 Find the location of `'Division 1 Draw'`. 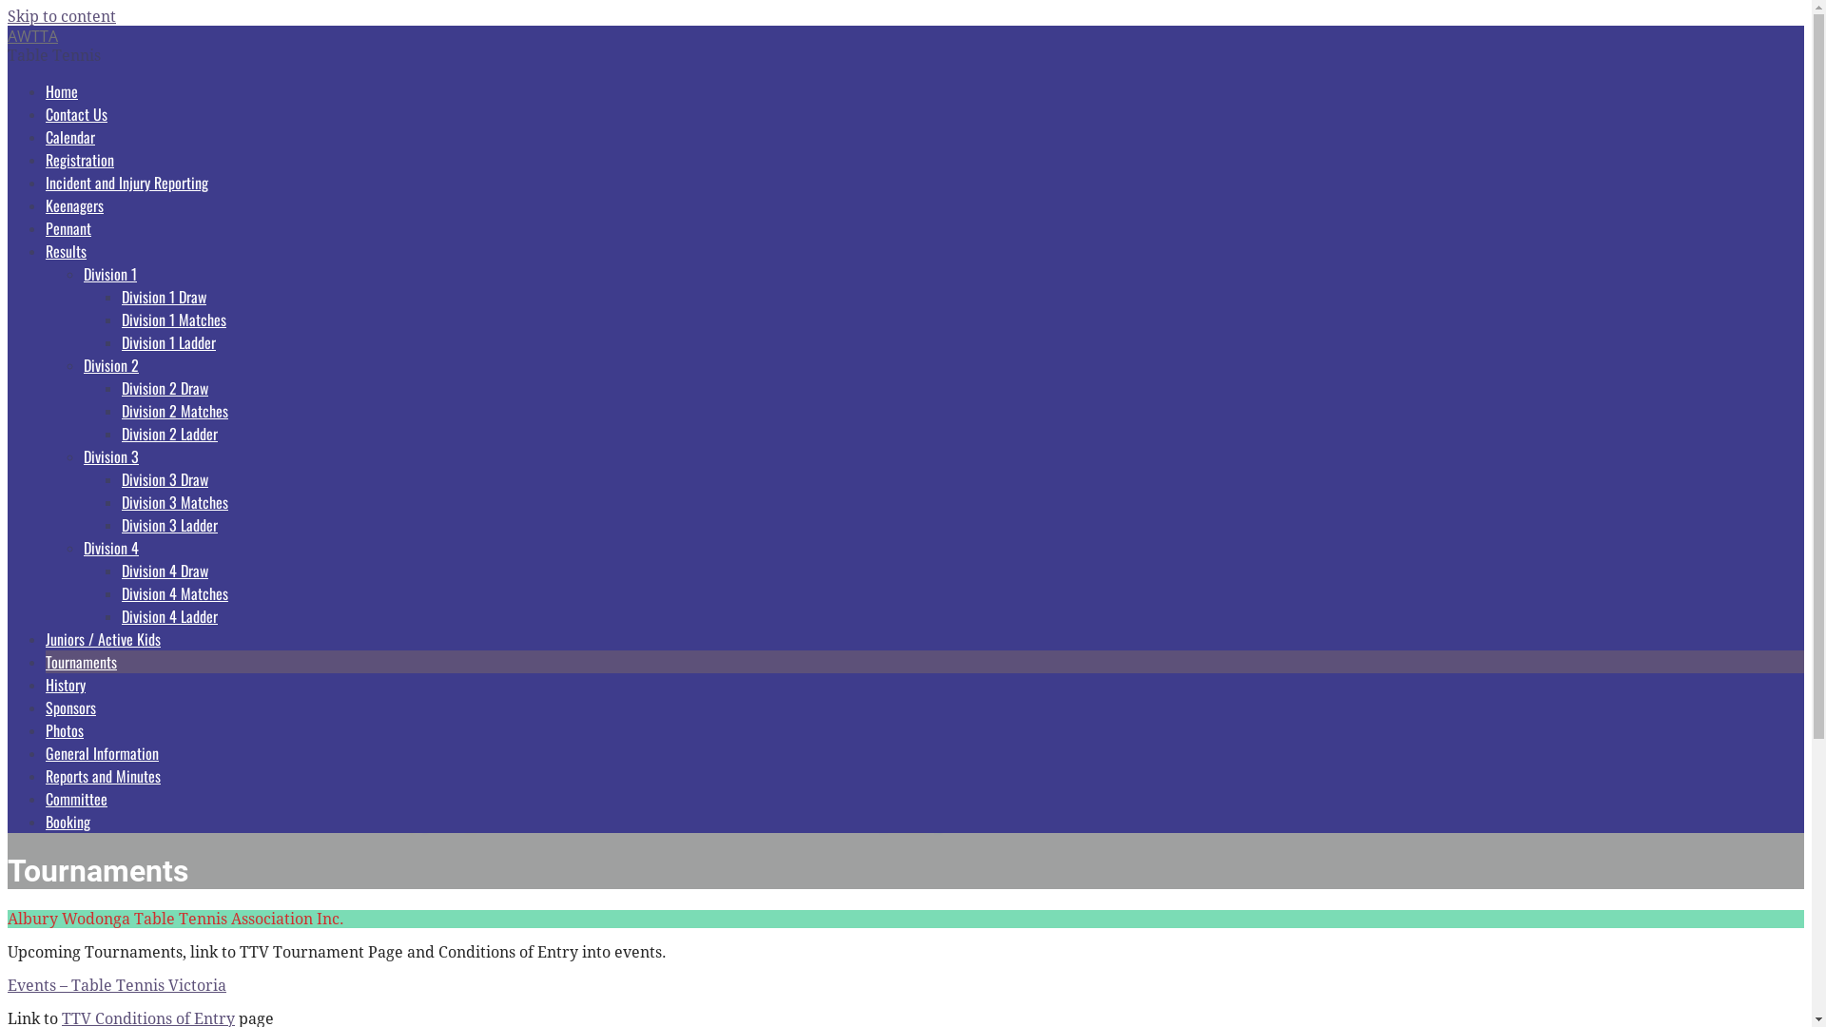

'Division 1 Draw' is located at coordinates (164, 297).